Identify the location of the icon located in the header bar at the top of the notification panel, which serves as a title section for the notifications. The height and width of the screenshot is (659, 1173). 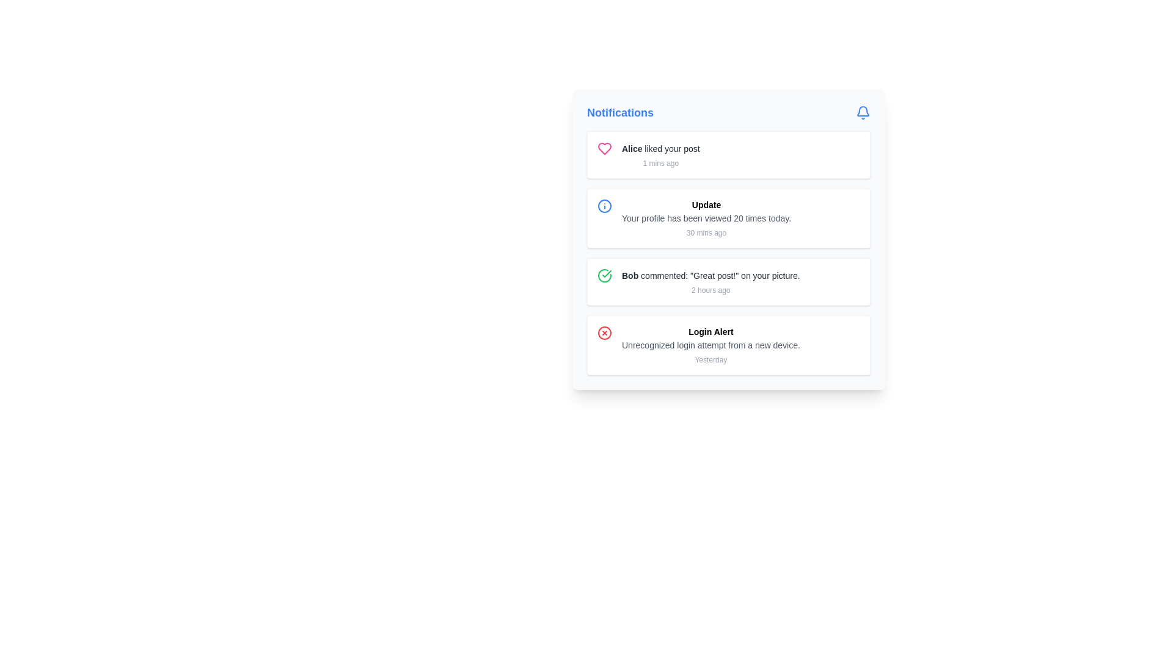
(729, 113).